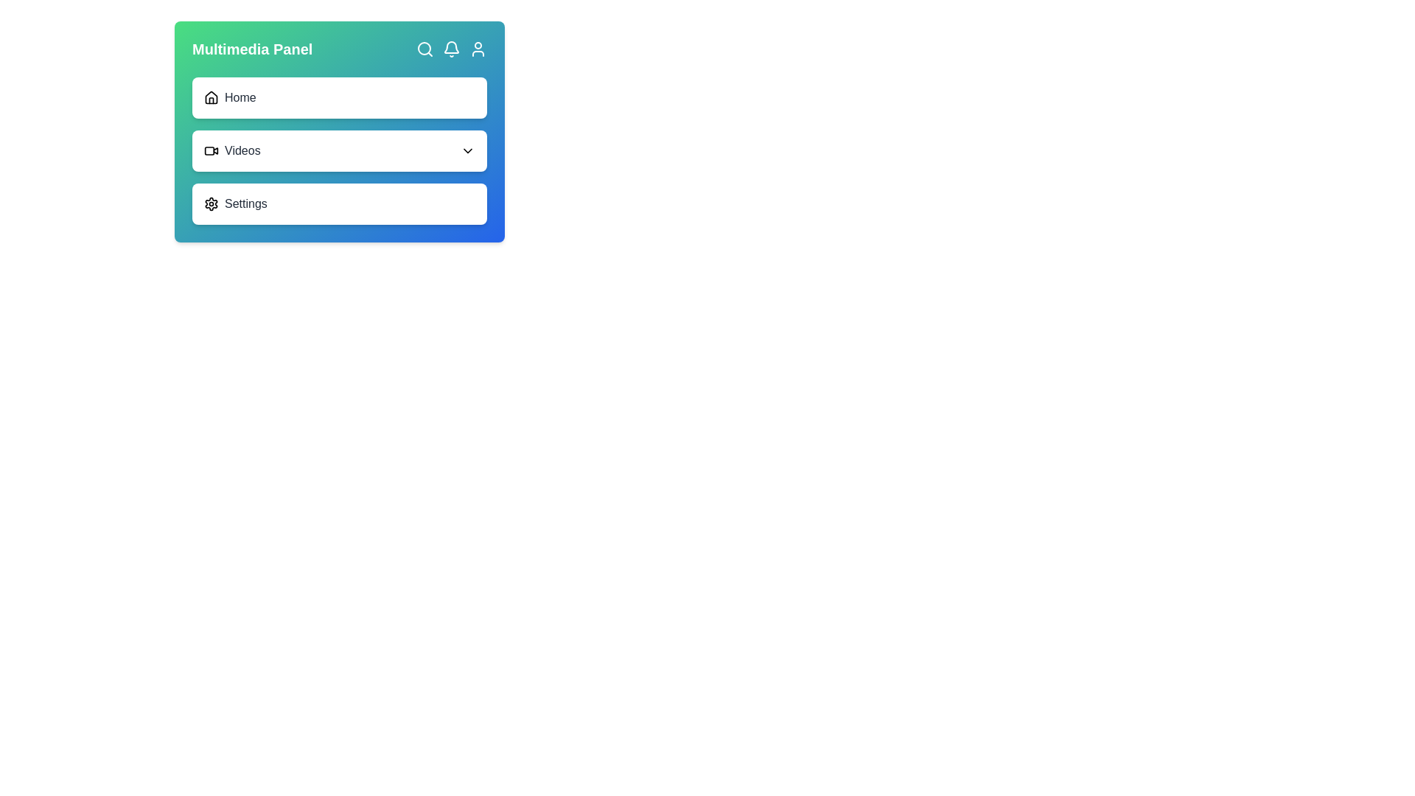 The width and height of the screenshot is (1415, 796). Describe the element at coordinates (211, 204) in the screenshot. I see `the Gear/Cogwheel icon located at the bottom section of the panel` at that location.